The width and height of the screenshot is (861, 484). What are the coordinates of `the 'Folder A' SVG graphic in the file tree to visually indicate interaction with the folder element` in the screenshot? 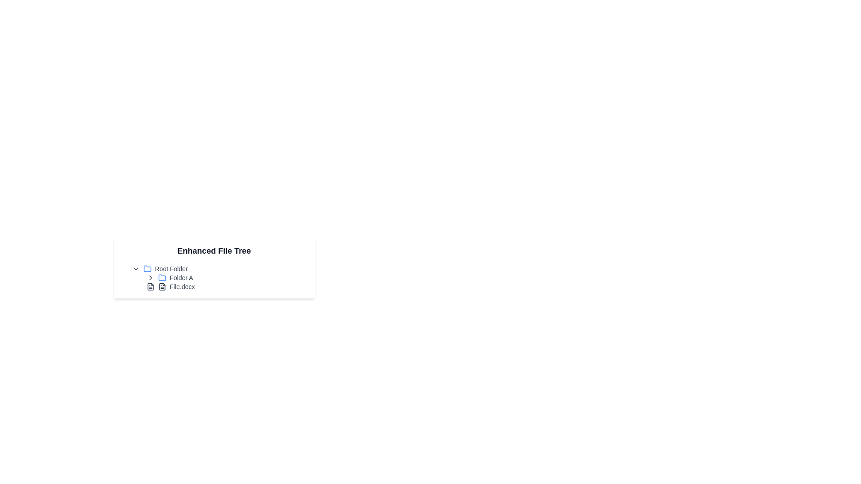 It's located at (162, 277).